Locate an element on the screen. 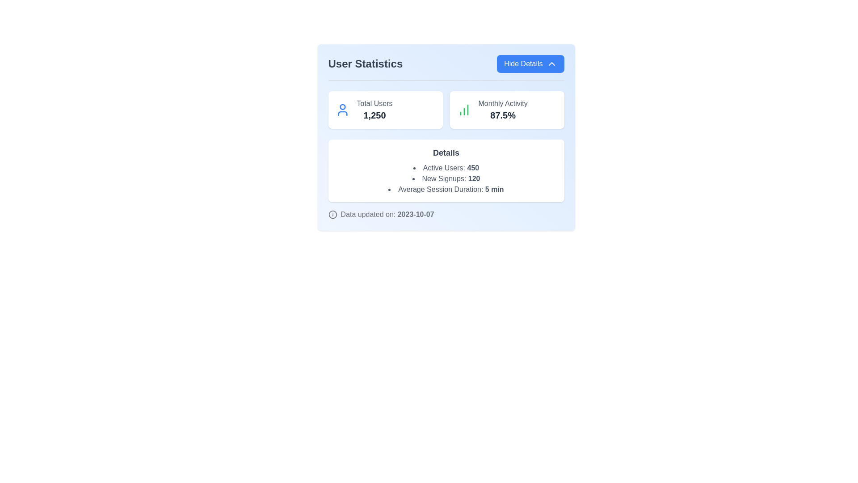 The width and height of the screenshot is (858, 483). the 'Hide Details' button located at the top right of the 'User Statistics' section is located at coordinates (530, 63).